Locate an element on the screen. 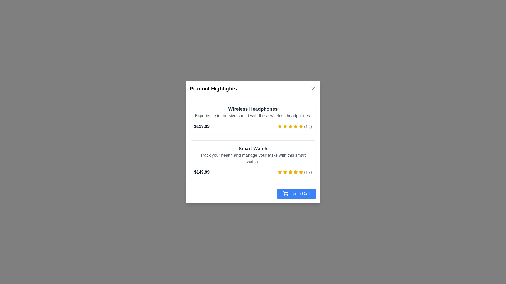  attributes of the fifth star icon representing a product rating of 4.7 for the 'Smart Watch' product is located at coordinates (301, 172).